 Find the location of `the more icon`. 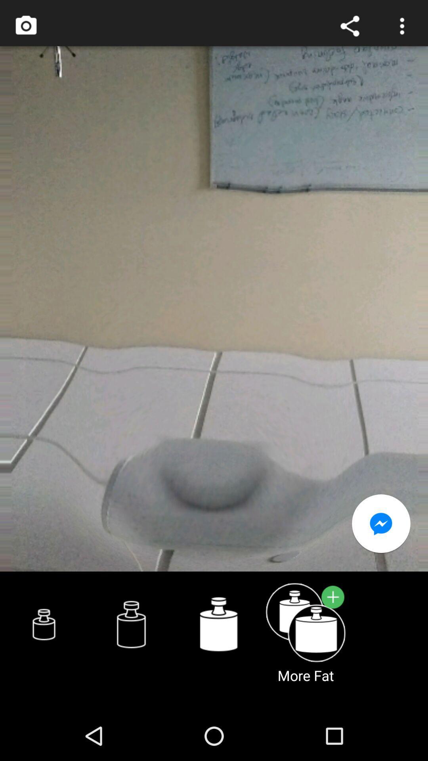

the more icon is located at coordinates (402, 28).